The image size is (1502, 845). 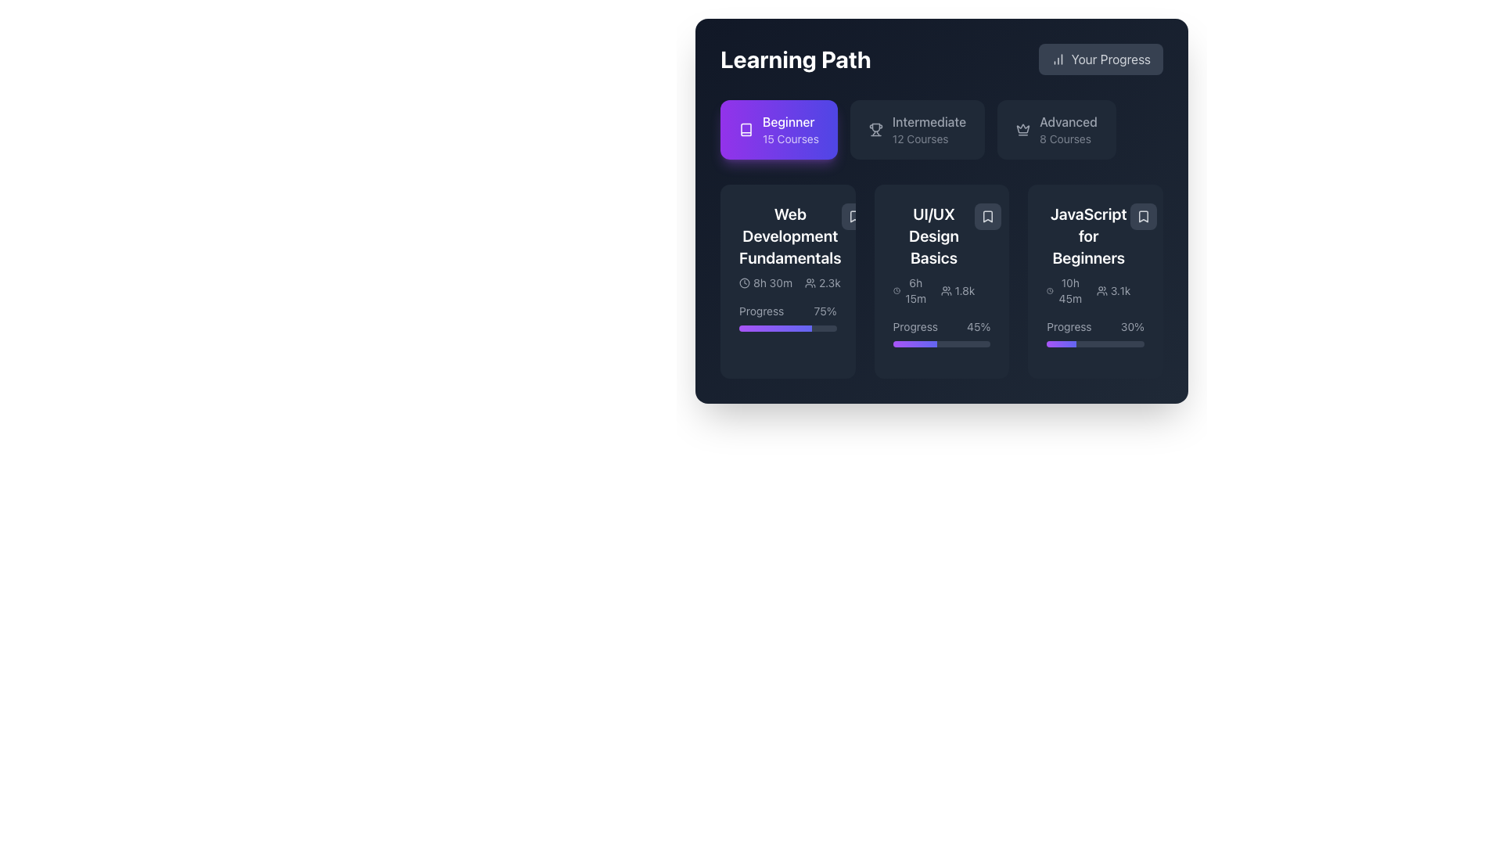 What do you see at coordinates (987, 217) in the screenshot?
I see `the bookmark icon located in the top-right corner of the 'UI/UX Design Basics' card` at bounding box center [987, 217].